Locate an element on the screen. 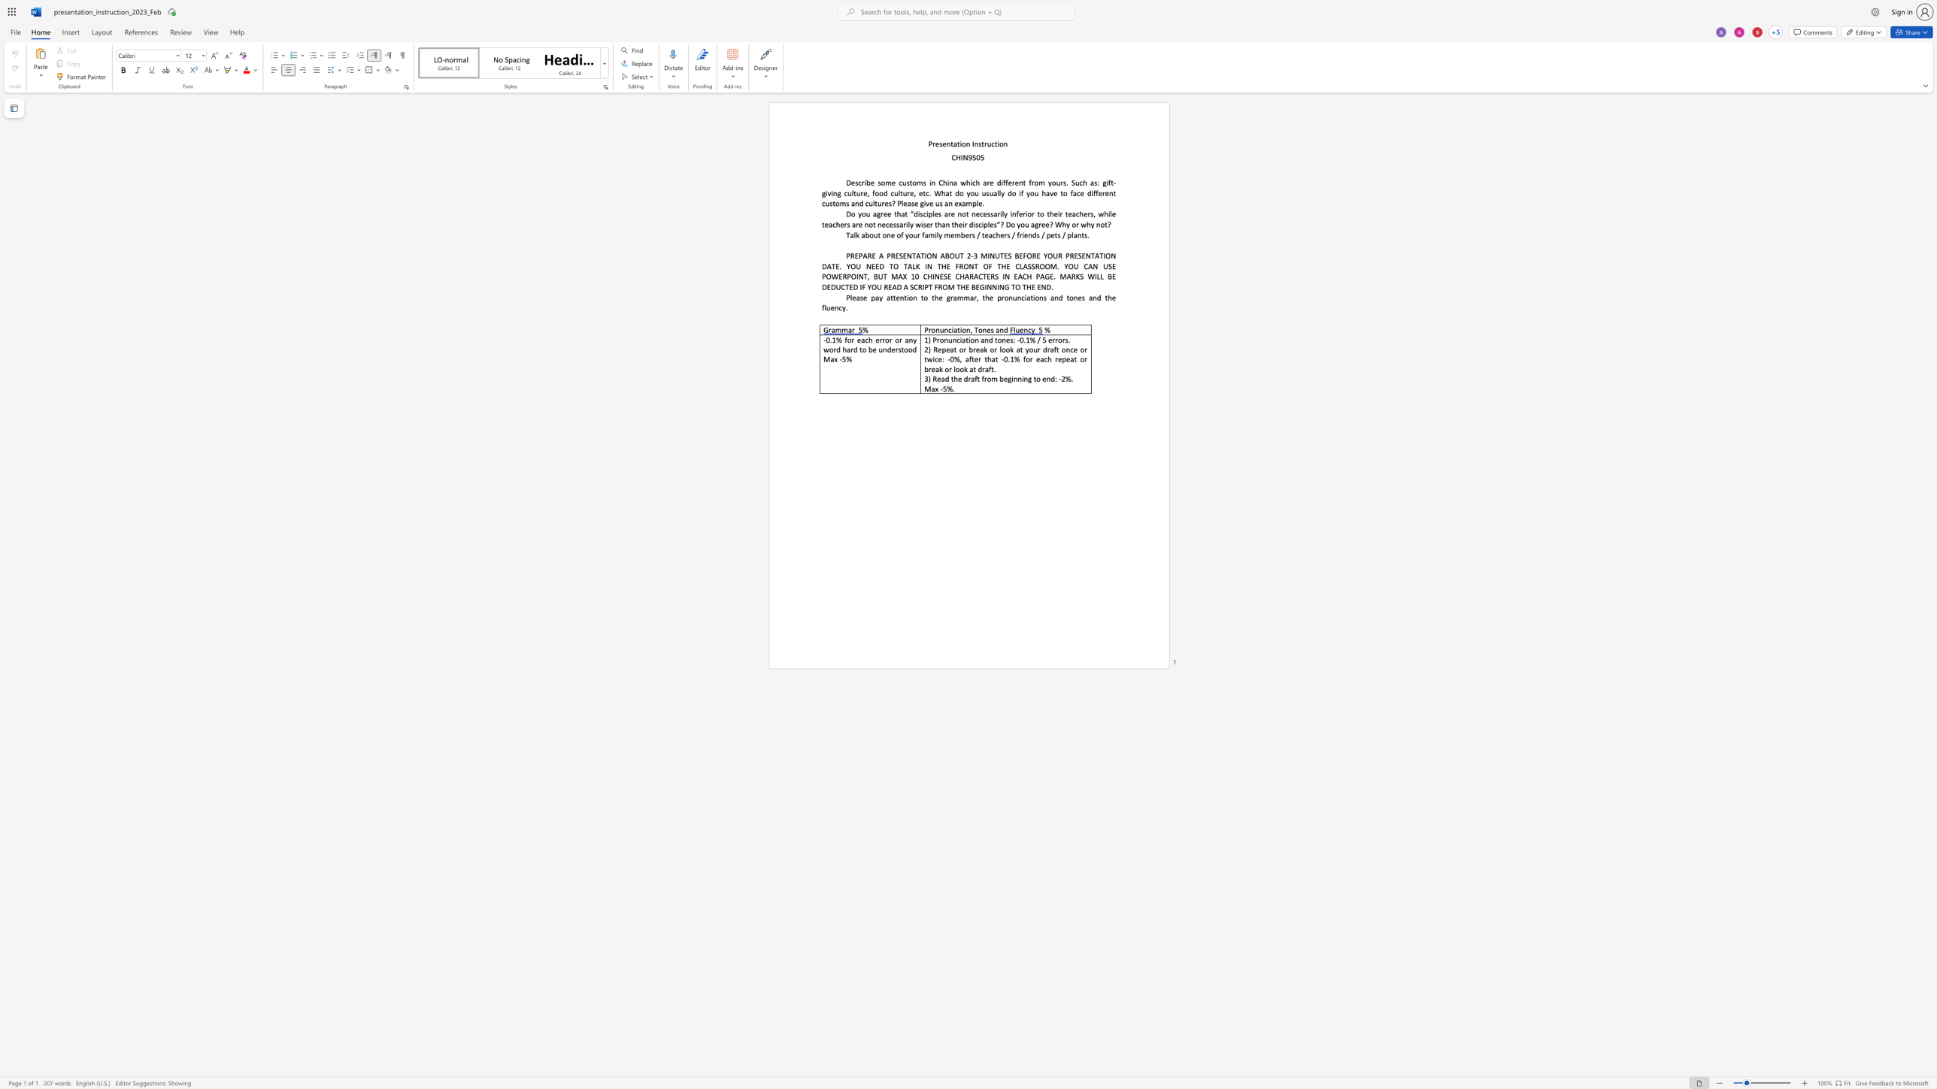 This screenshot has width=1937, height=1089. the 1th character "i" in the text is located at coordinates (925, 203).